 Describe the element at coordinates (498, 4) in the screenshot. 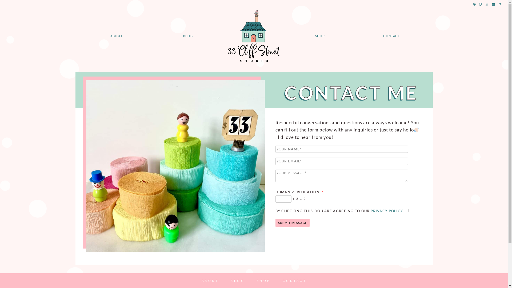

I see `'search icon'` at that location.